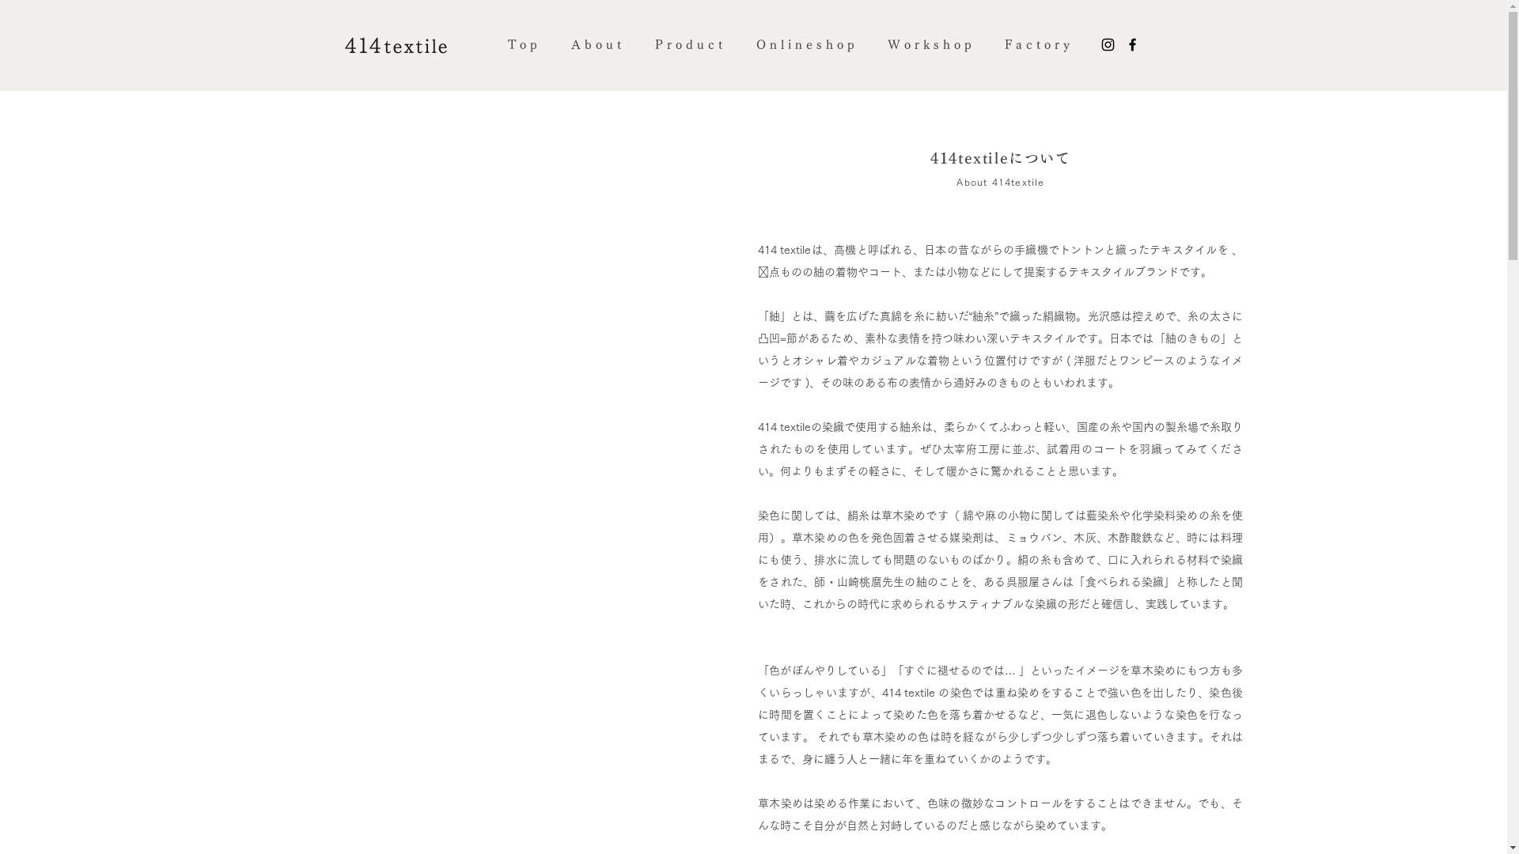 The image size is (1519, 854). Describe the element at coordinates (805, 44) in the screenshot. I see `'O n l i n e s h o p'` at that location.